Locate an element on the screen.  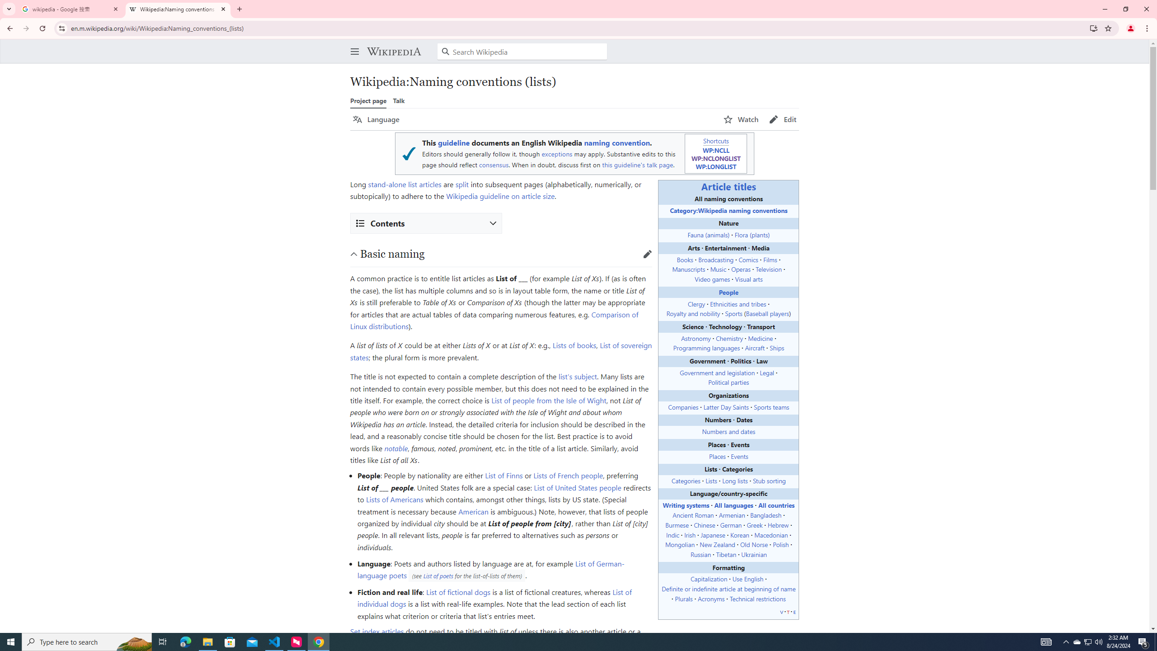
'Broadcasting' is located at coordinates (715, 259).